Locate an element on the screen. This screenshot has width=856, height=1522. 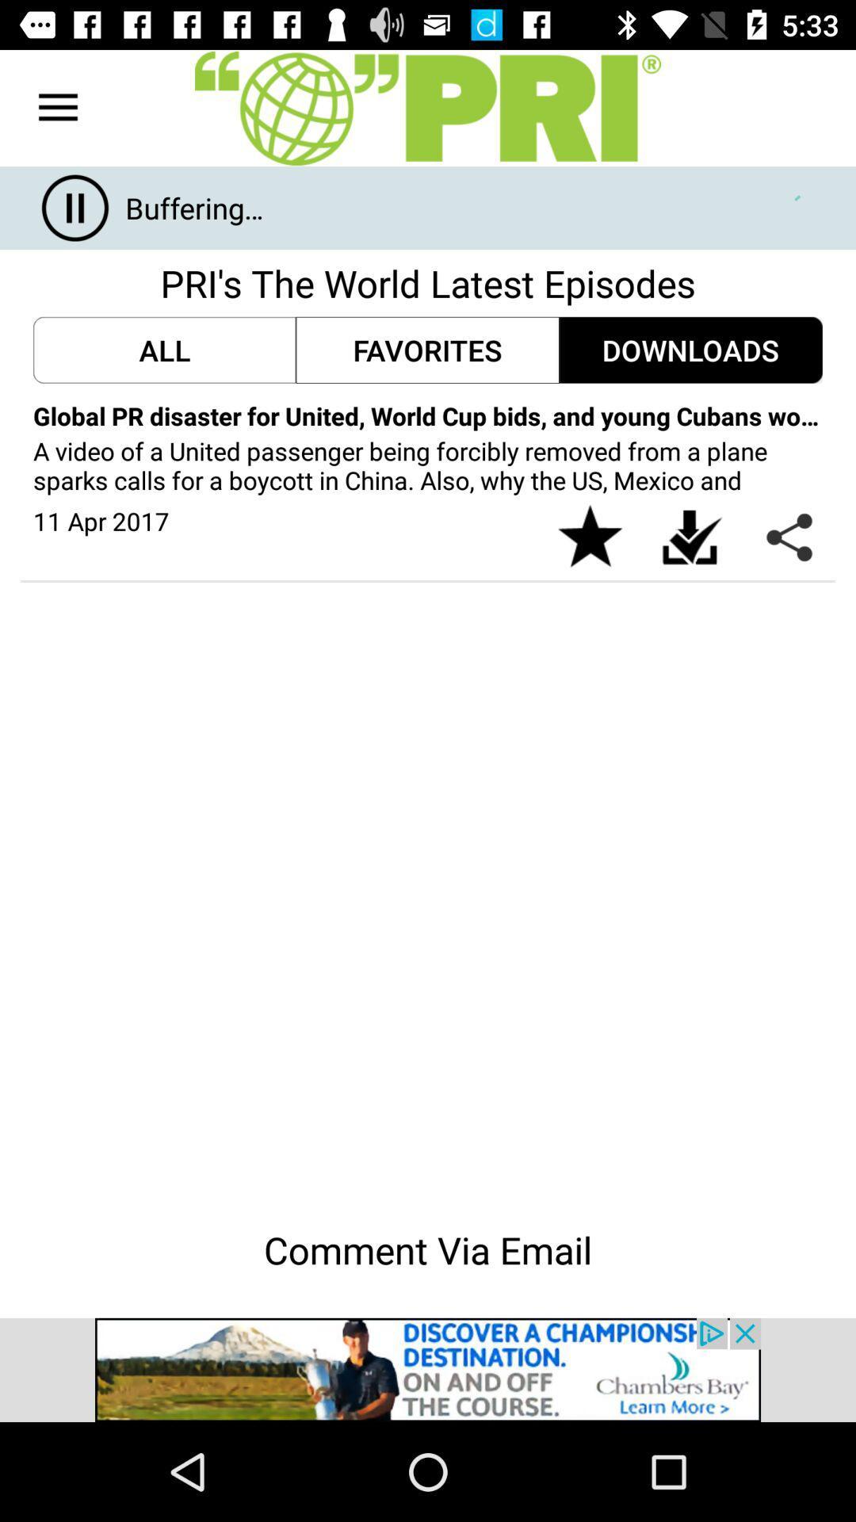
advertisement is located at coordinates (428, 1369).